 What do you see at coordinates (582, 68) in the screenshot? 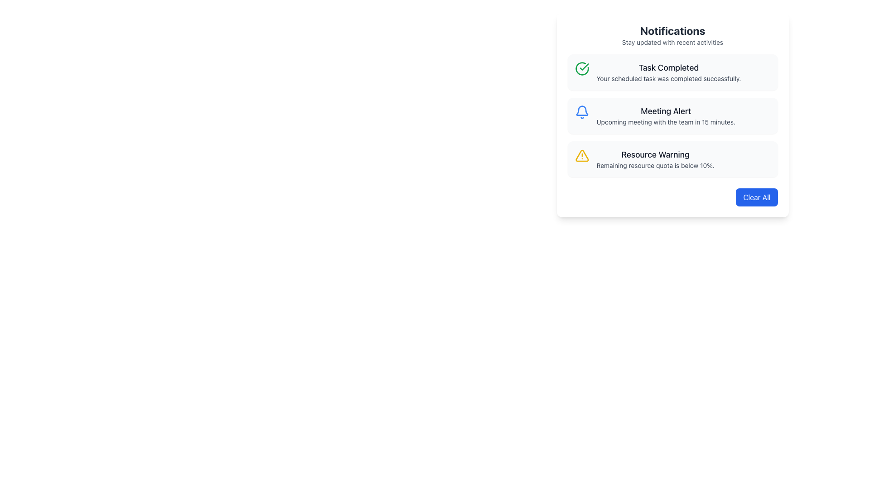
I see `the circular green icon with a checkmark inside, indicating success, located in the 'Task Completed' notification box` at bounding box center [582, 68].